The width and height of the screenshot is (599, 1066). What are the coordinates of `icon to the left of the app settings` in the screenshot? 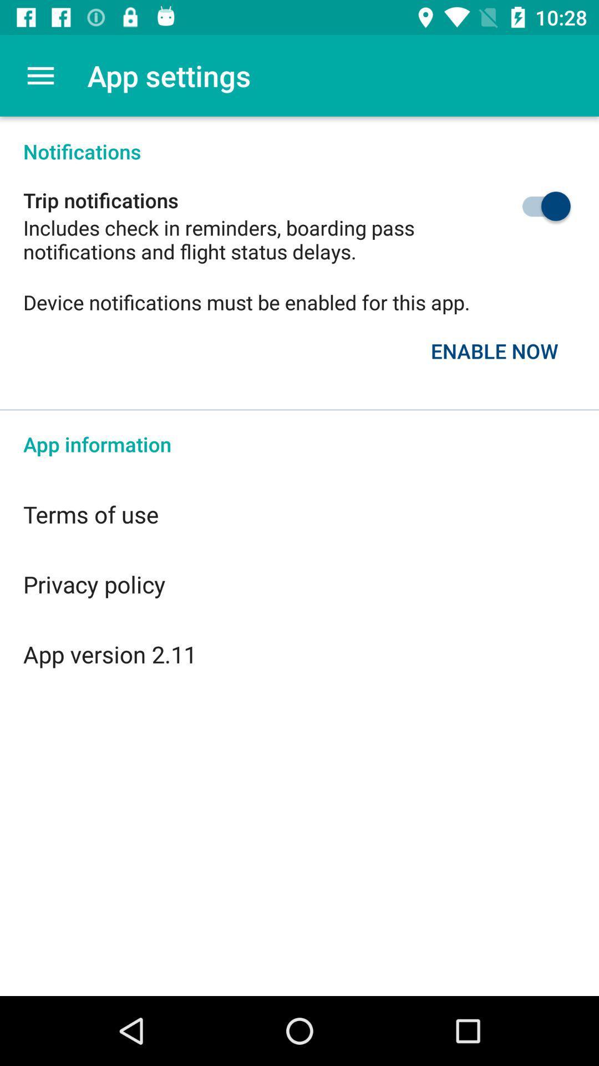 It's located at (40, 75).